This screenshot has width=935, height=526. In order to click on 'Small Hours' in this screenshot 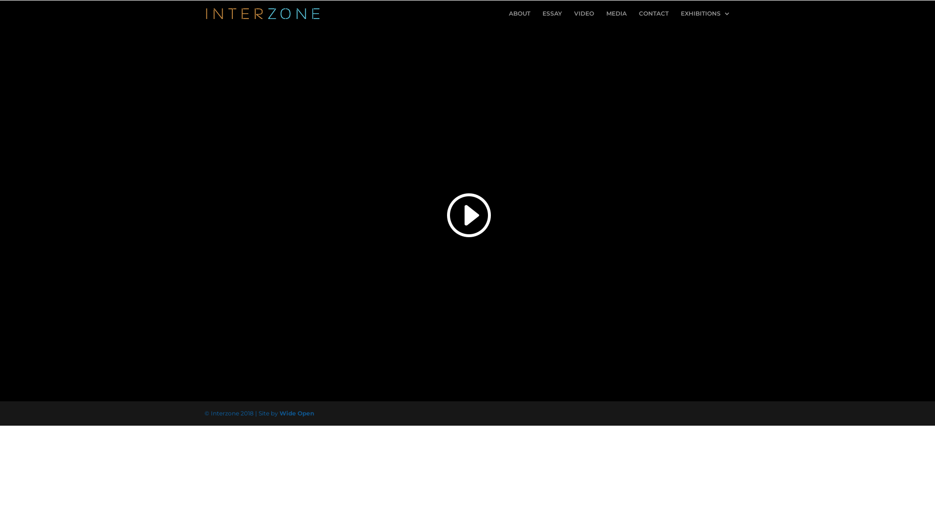, I will do `click(467, 213)`.